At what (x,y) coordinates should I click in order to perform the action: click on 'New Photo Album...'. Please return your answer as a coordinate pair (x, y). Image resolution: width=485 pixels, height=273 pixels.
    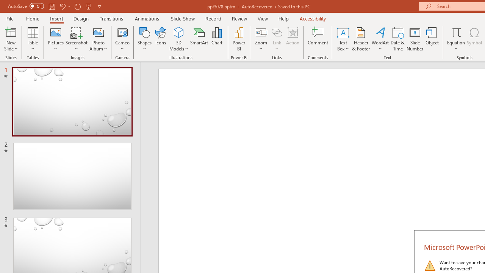
    Looking at the image, I should click on (98, 32).